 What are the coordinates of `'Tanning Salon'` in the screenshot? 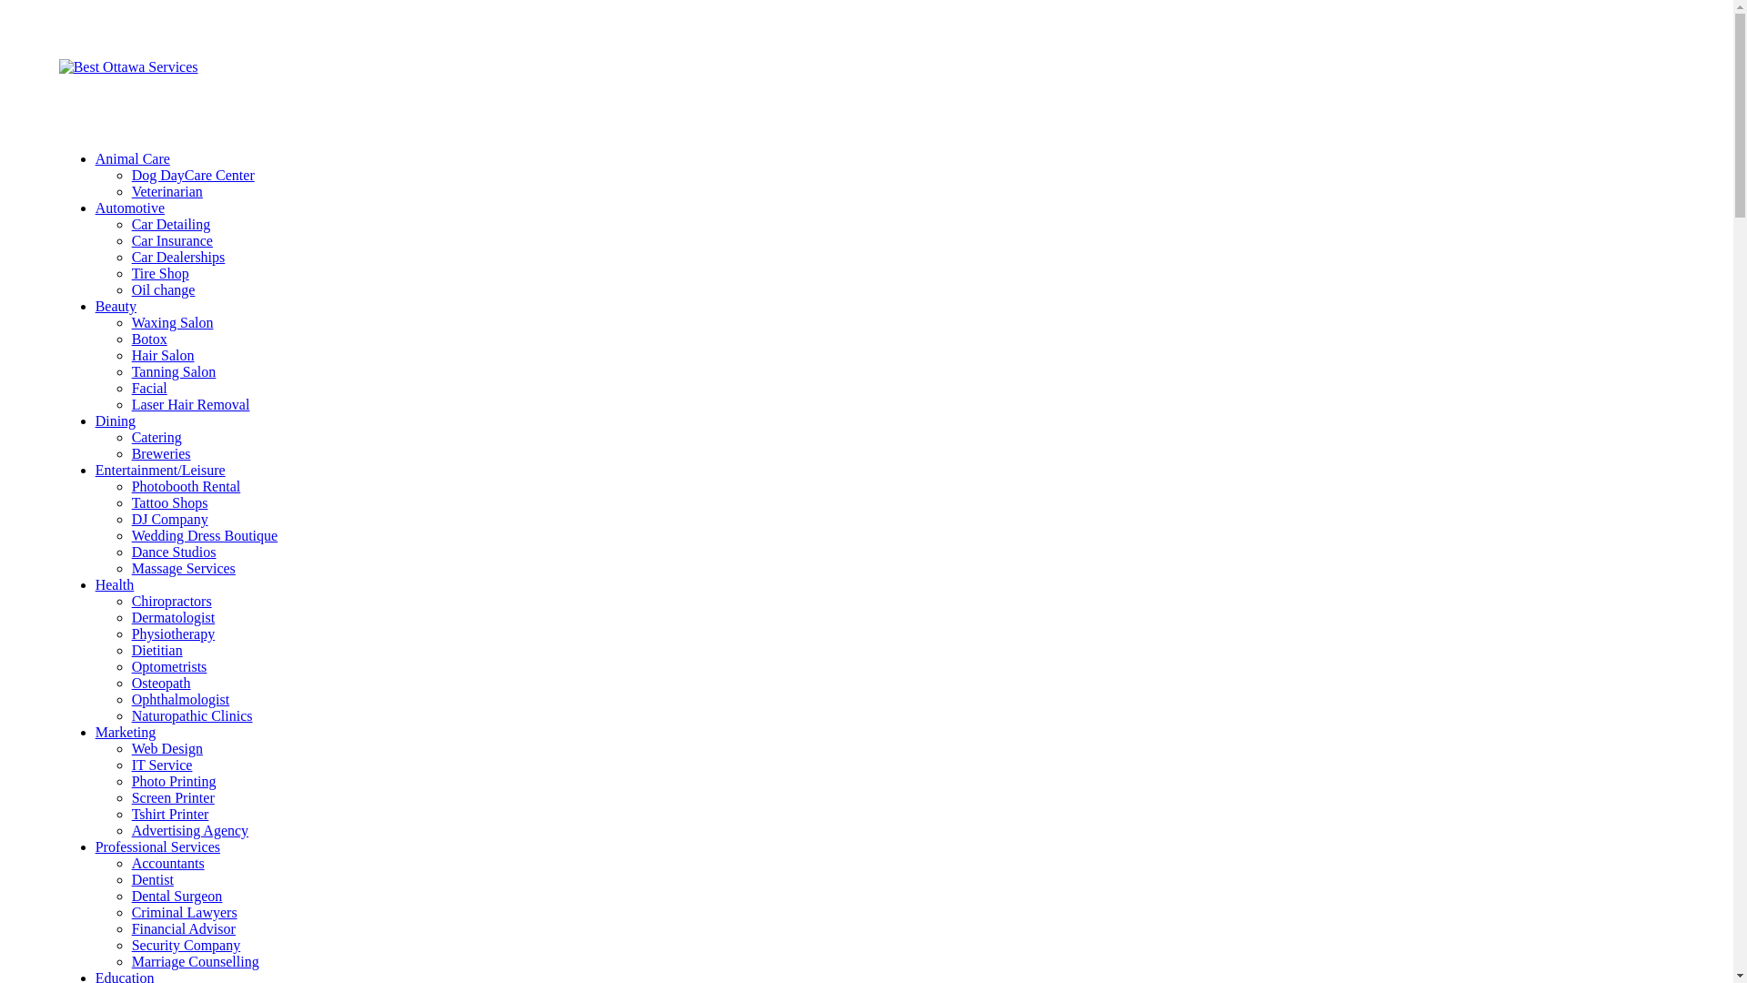 It's located at (174, 370).